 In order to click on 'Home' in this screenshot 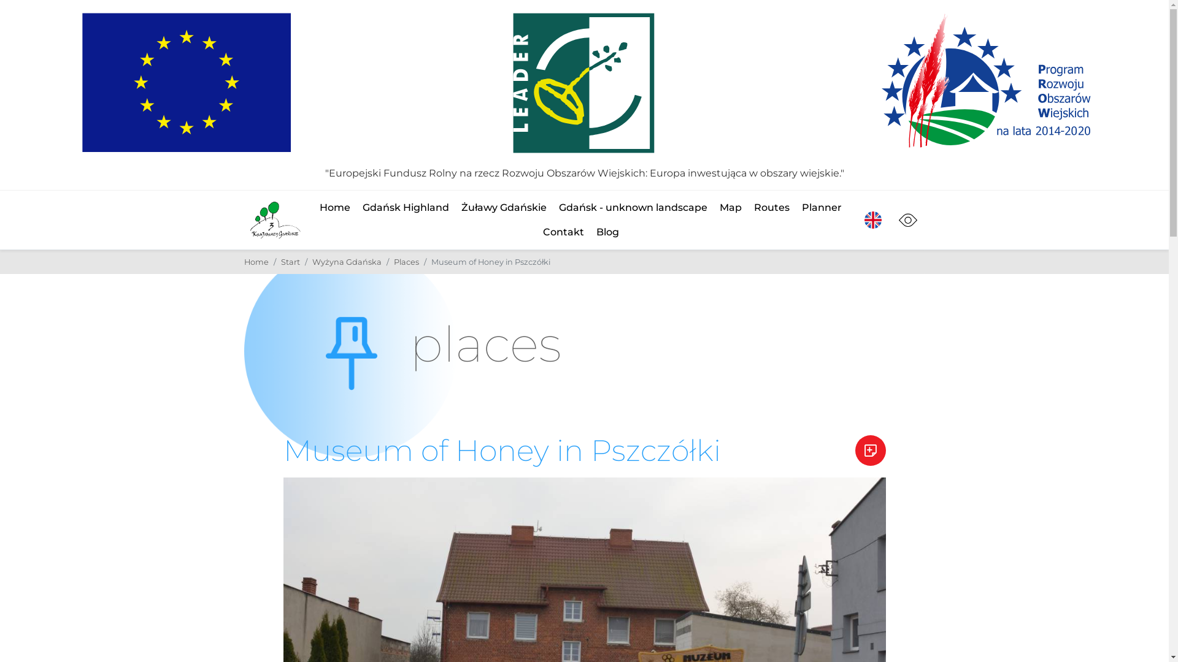, I will do `click(335, 207)`.